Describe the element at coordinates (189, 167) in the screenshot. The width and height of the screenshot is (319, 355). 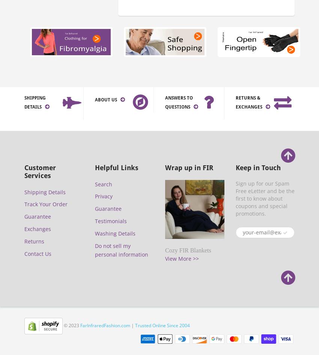
I see `'Wrap up in FIR'` at that location.